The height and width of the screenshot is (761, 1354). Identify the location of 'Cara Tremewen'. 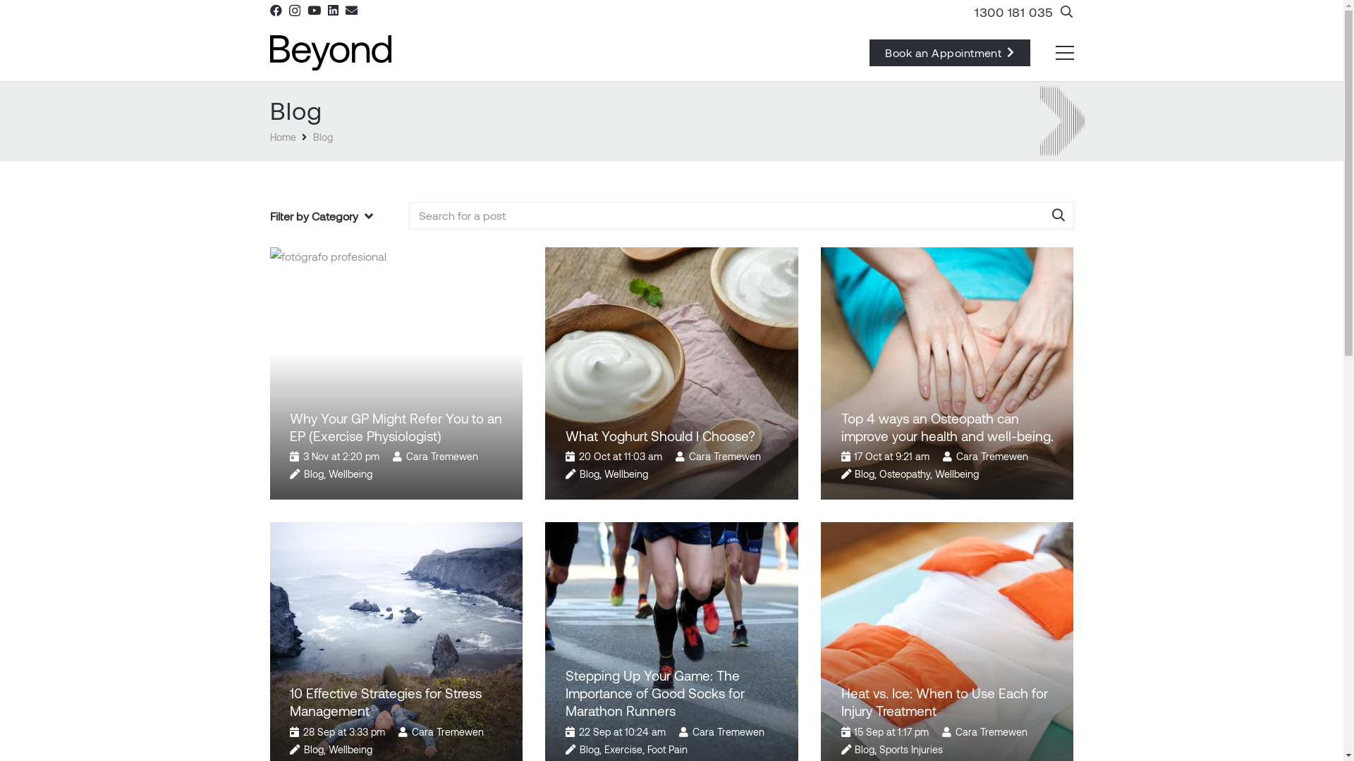
(728, 731).